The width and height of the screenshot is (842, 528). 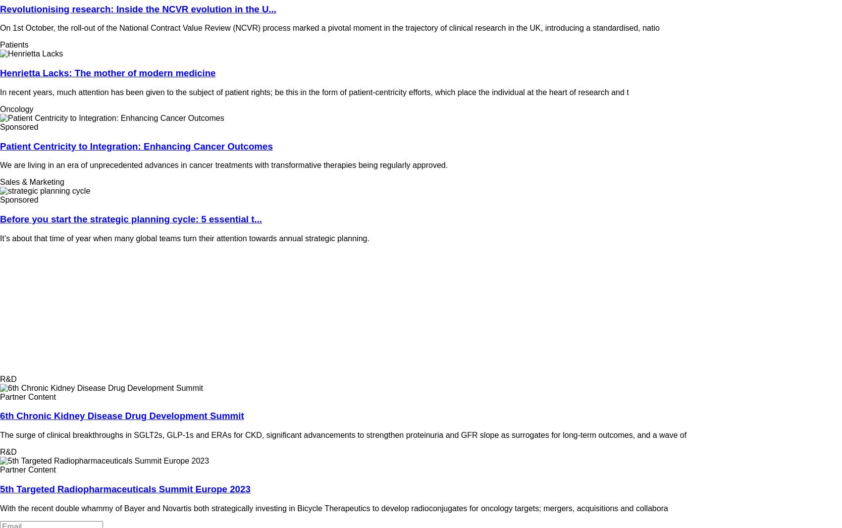 I want to click on 'Patients', so click(x=0, y=44).